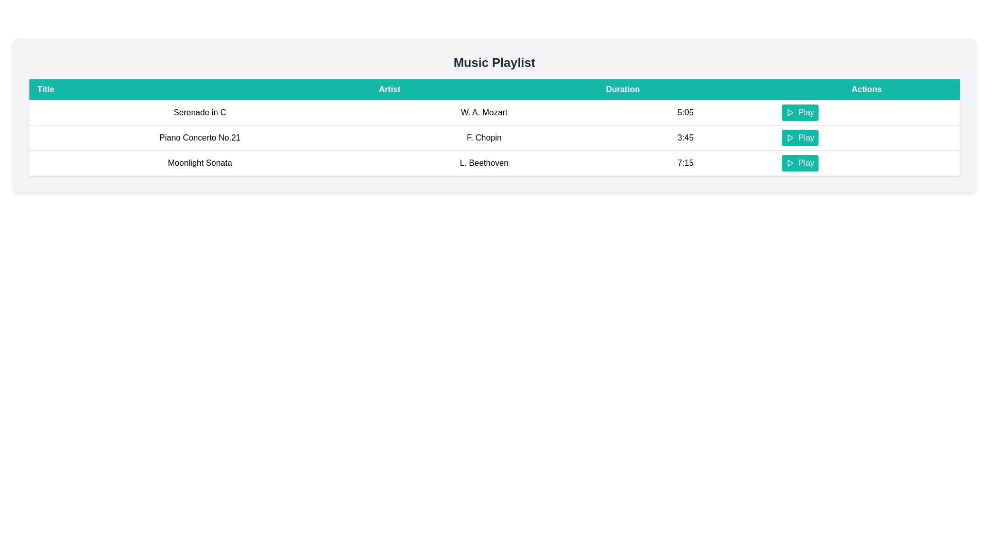 This screenshot has width=989, height=556. I want to click on the text label indicating the artist of the musical piece 'Moonlight Sonata' in the third row of the music playlist table, so click(484, 162).